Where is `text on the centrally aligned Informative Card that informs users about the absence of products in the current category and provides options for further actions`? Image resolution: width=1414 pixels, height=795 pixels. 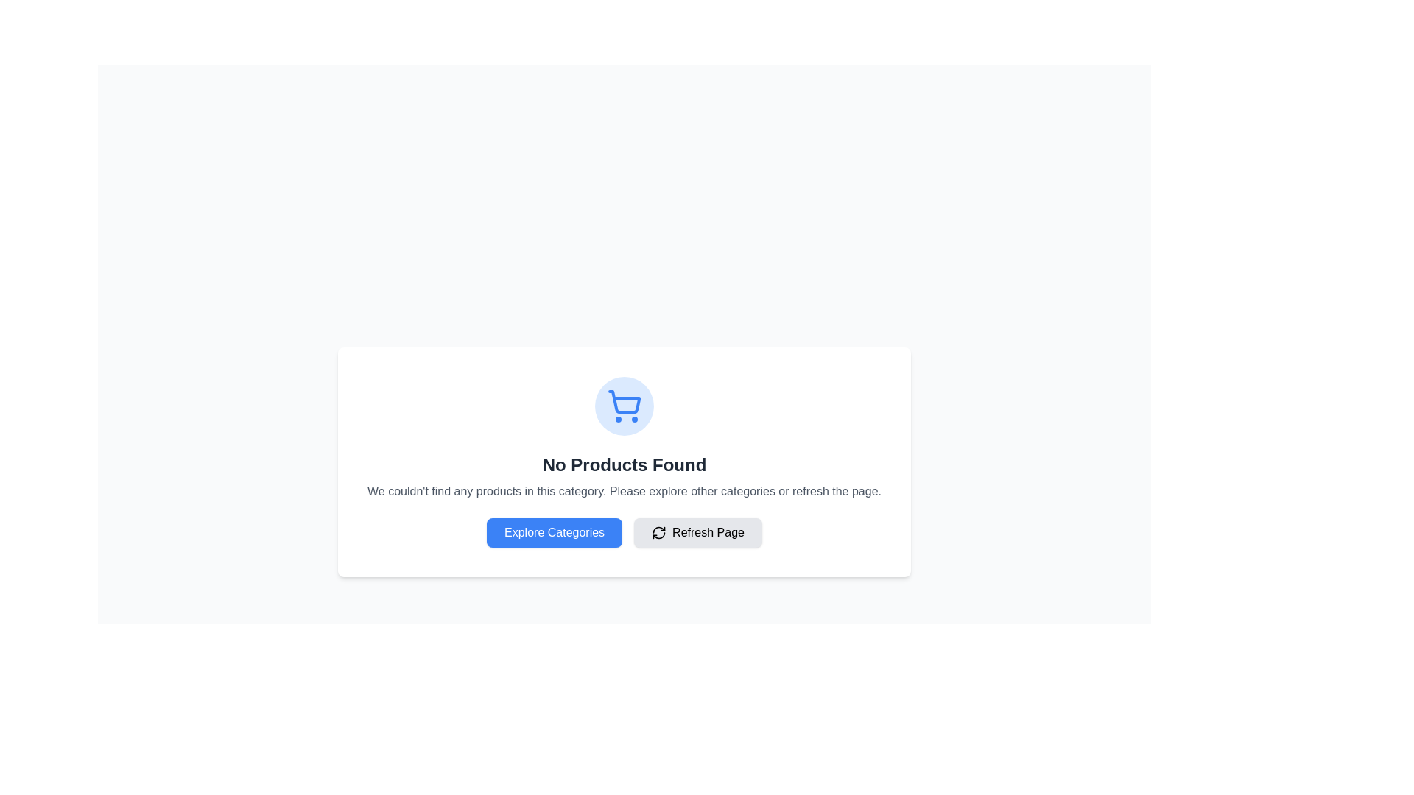 text on the centrally aligned Informative Card that informs users about the absence of products in the current category and provides options for further actions is located at coordinates (625, 462).